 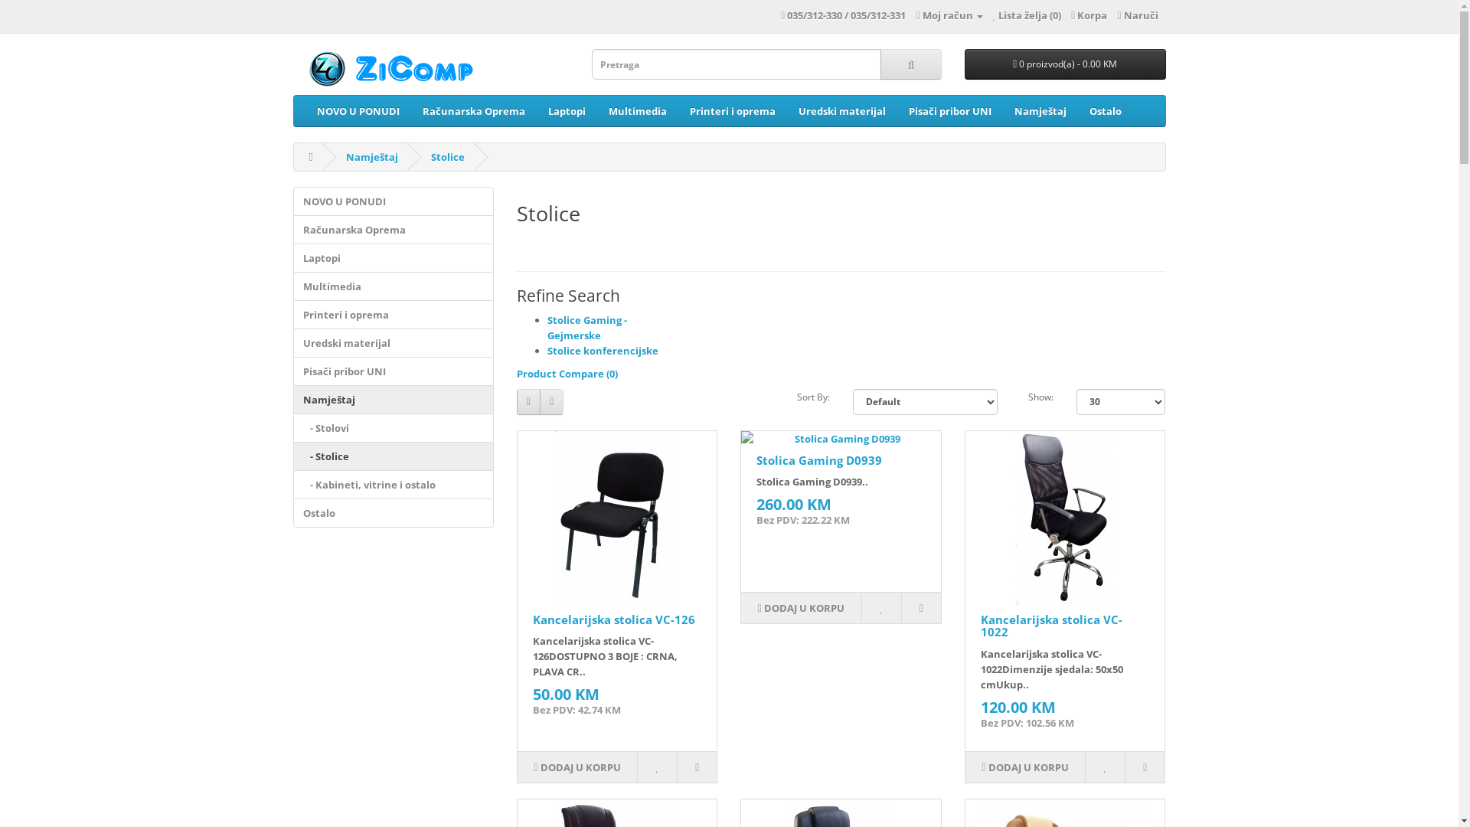 What do you see at coordinates (586, 327) in the screenshot?
I see `'Stolice Gaming - Gejmerske'` at bounding box center [586, 327].